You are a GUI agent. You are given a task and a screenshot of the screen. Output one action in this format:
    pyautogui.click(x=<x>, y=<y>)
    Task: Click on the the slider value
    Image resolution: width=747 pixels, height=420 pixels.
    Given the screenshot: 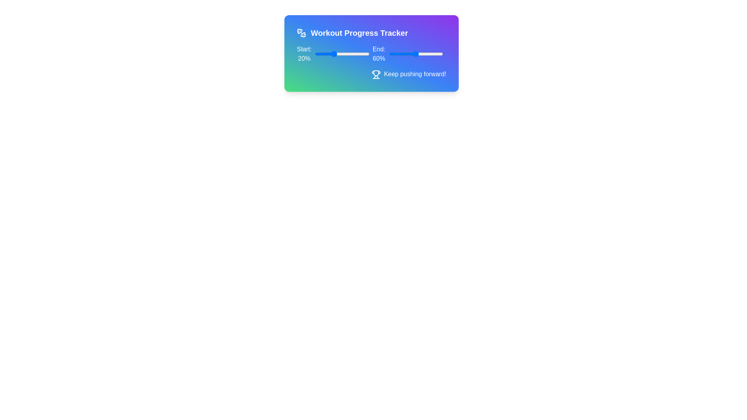 What is the action you would take?
    pyautogui.click(x=365, y=53)
    